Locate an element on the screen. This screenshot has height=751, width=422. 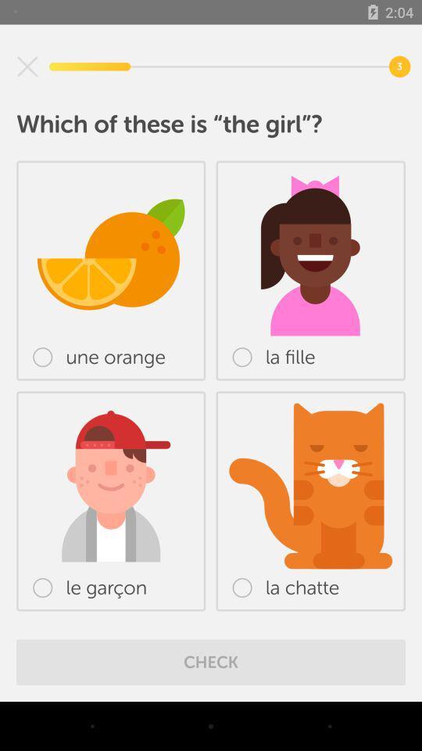
the application is located at coordinates (27, 66).